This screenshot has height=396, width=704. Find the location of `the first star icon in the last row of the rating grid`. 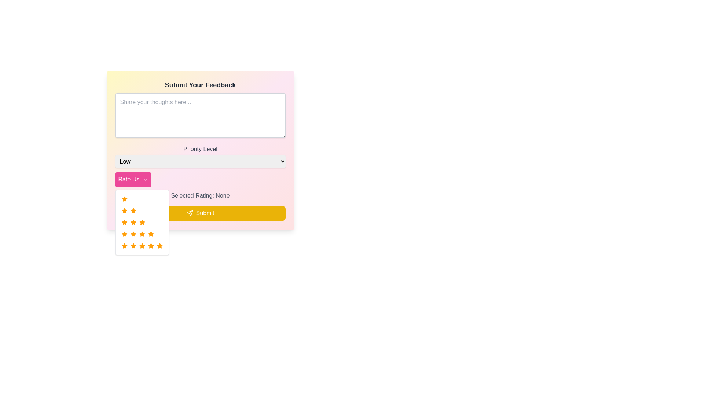

the first star icon in the last row of the rating grid is located at coordinates (142, 222).